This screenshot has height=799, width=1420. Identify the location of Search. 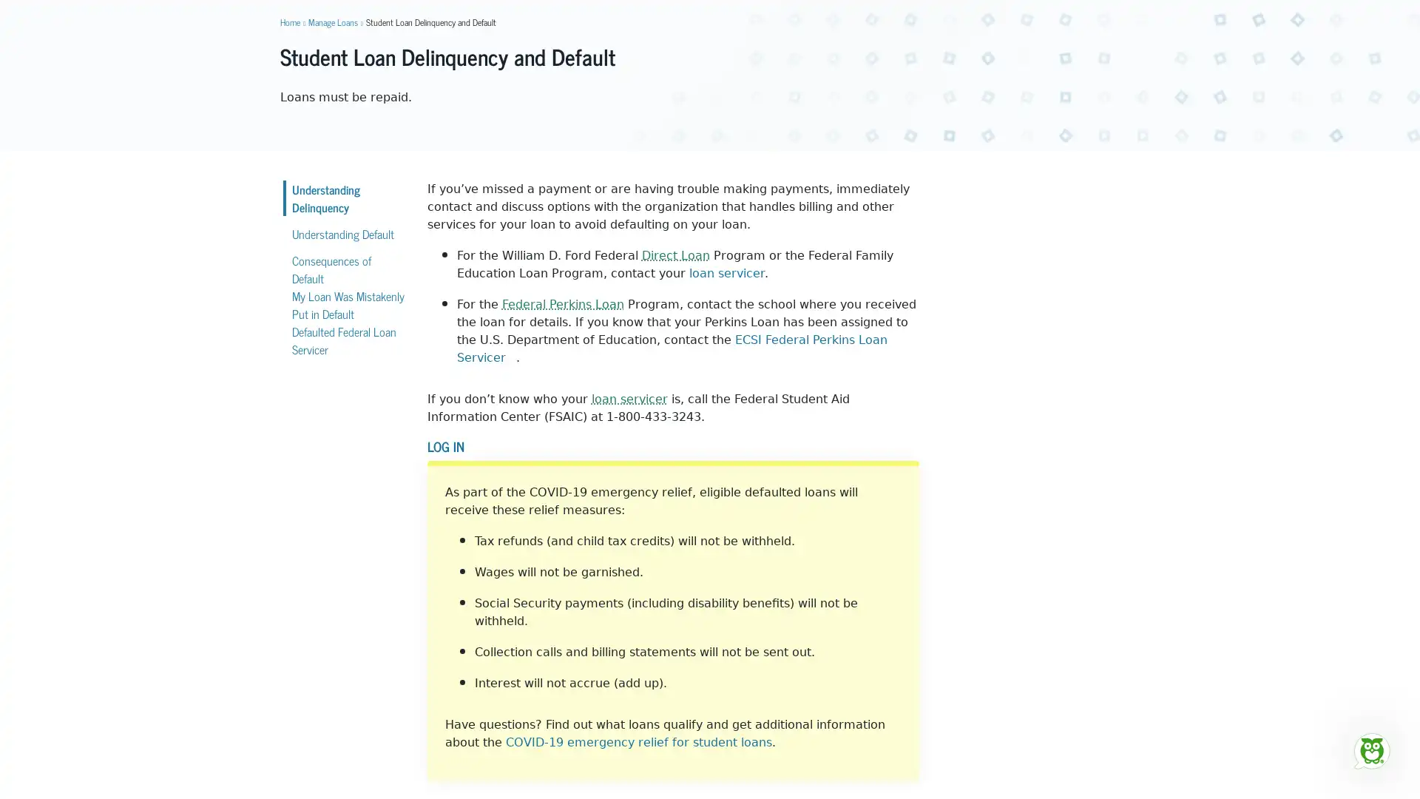
(929, 51).